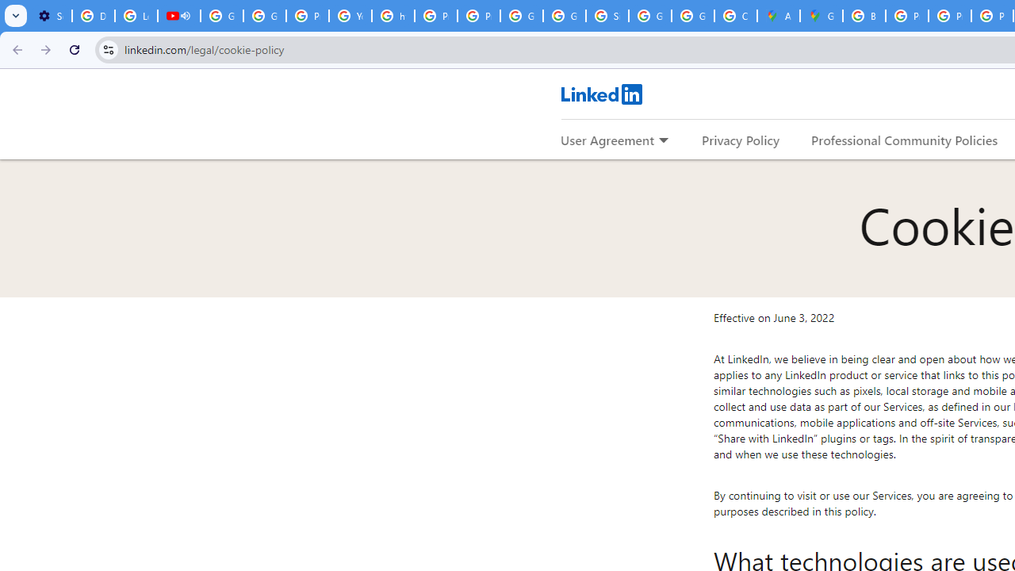  Describe the element at coordinates (600, 94) in the screenshot. I see `'LinkedIn Logo'` at that location.